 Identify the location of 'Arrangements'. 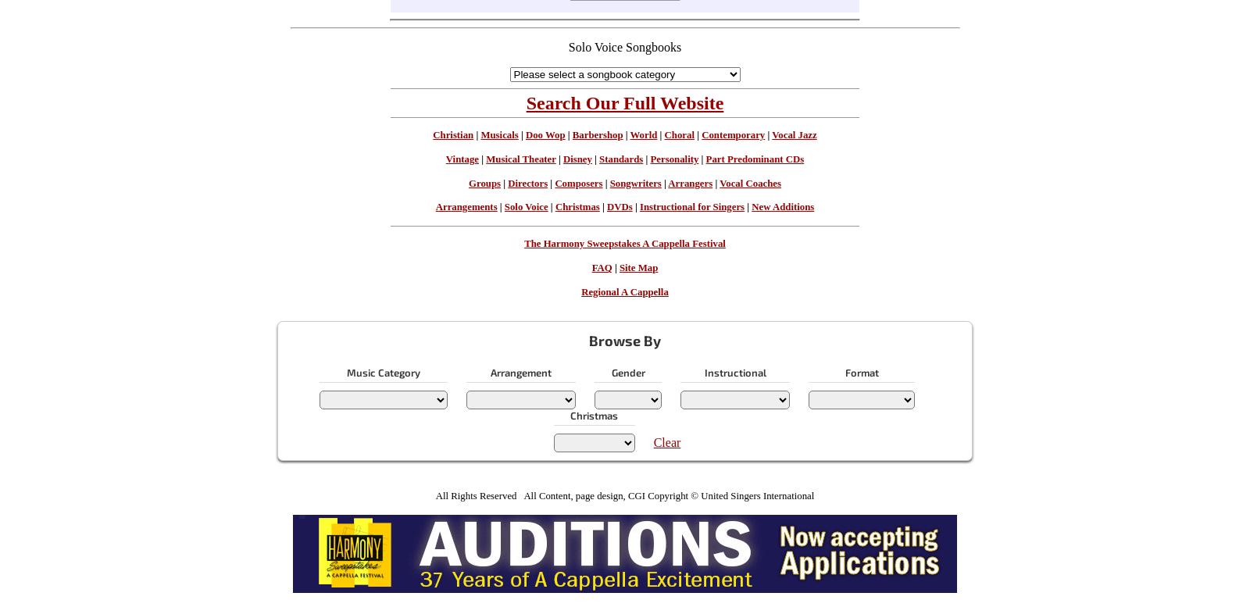
(465, 207).